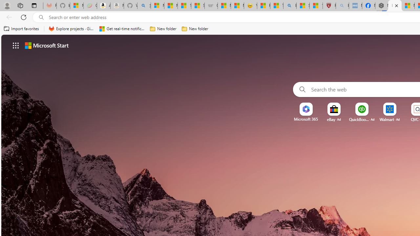  Describe the element at coordinates (21, 29) in the screenshot. I see `'Import favorites'` at that location.